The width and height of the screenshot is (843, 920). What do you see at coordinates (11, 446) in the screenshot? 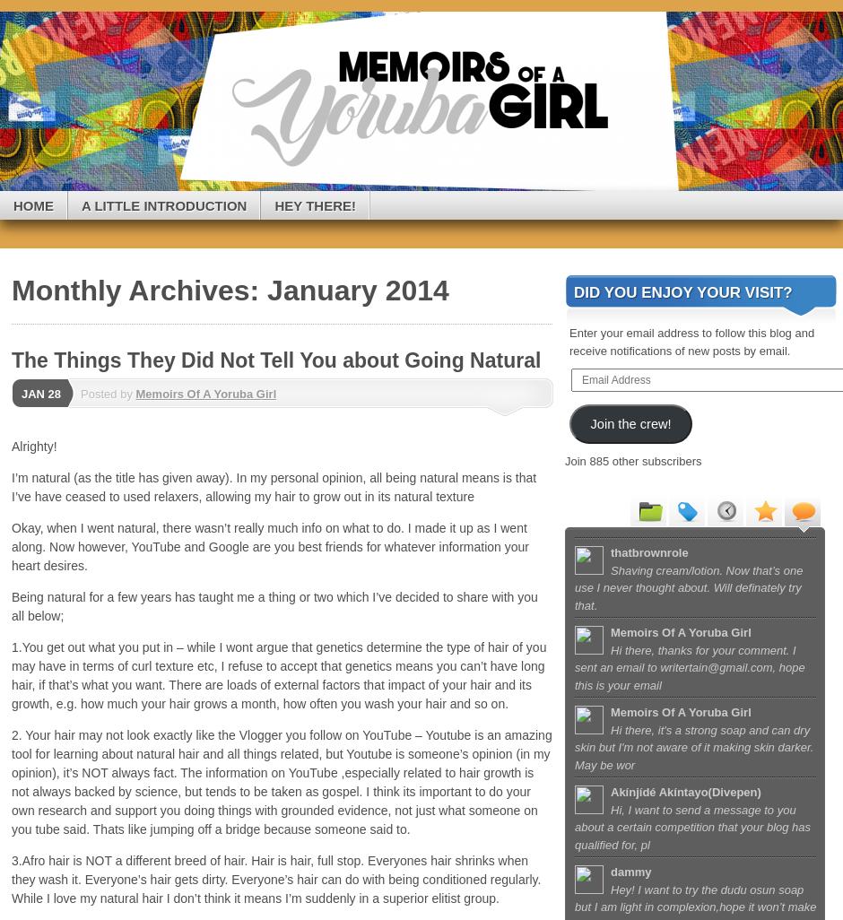
I see `'Alrighty!'` at bounding box center [11, 446].